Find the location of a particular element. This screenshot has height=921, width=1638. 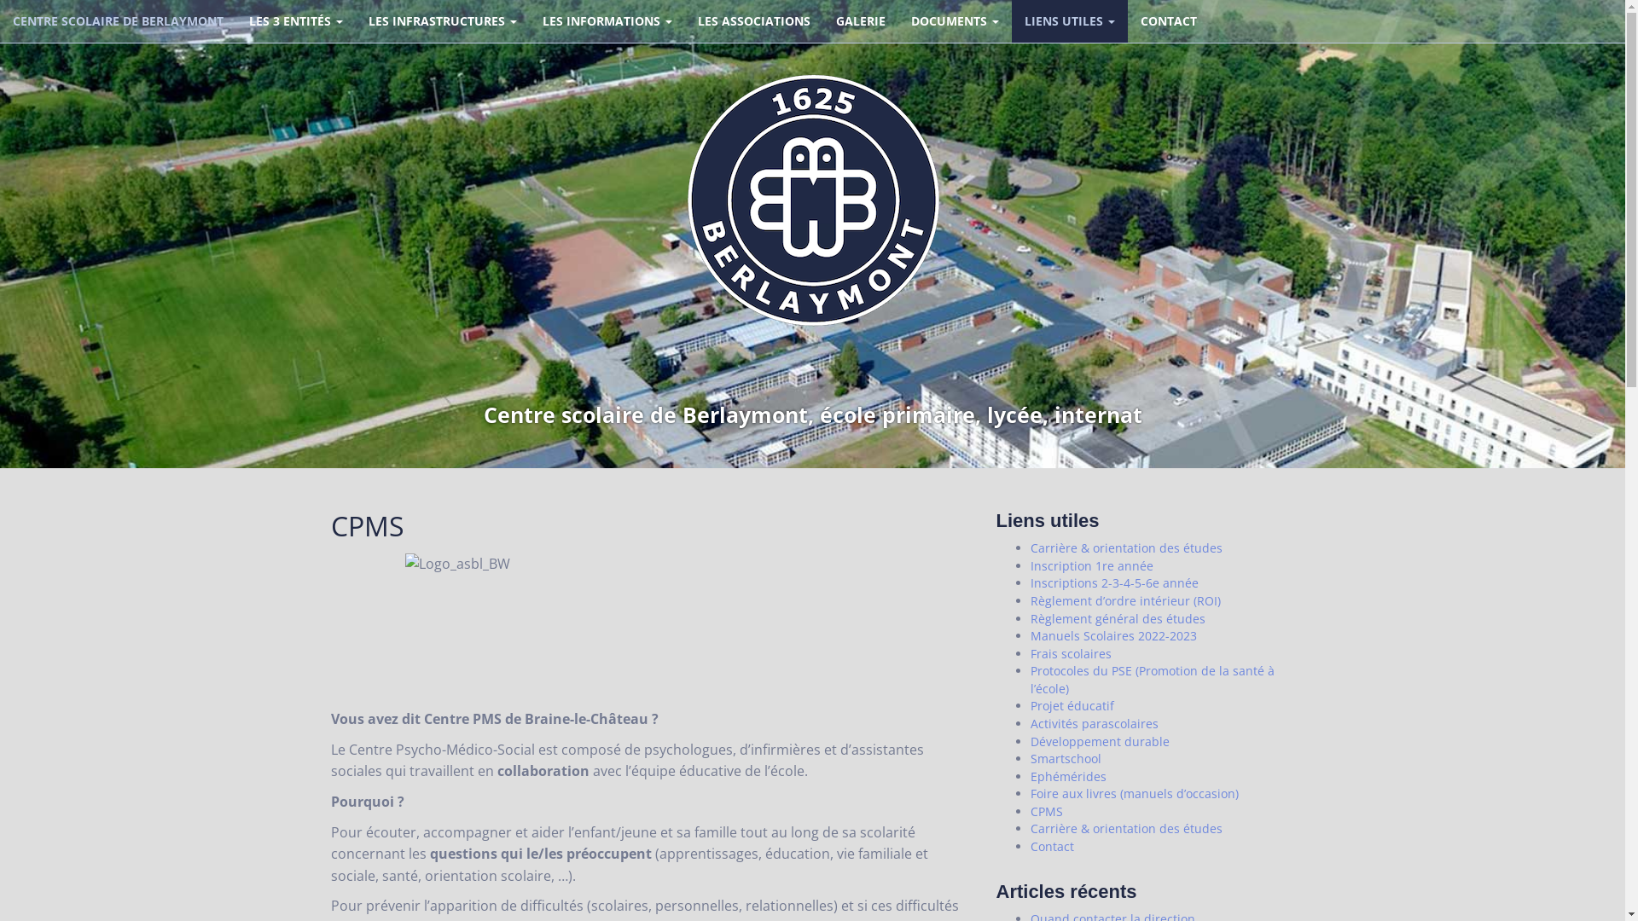

'LIENS UTILES' is located at coordinates (1068, 20).